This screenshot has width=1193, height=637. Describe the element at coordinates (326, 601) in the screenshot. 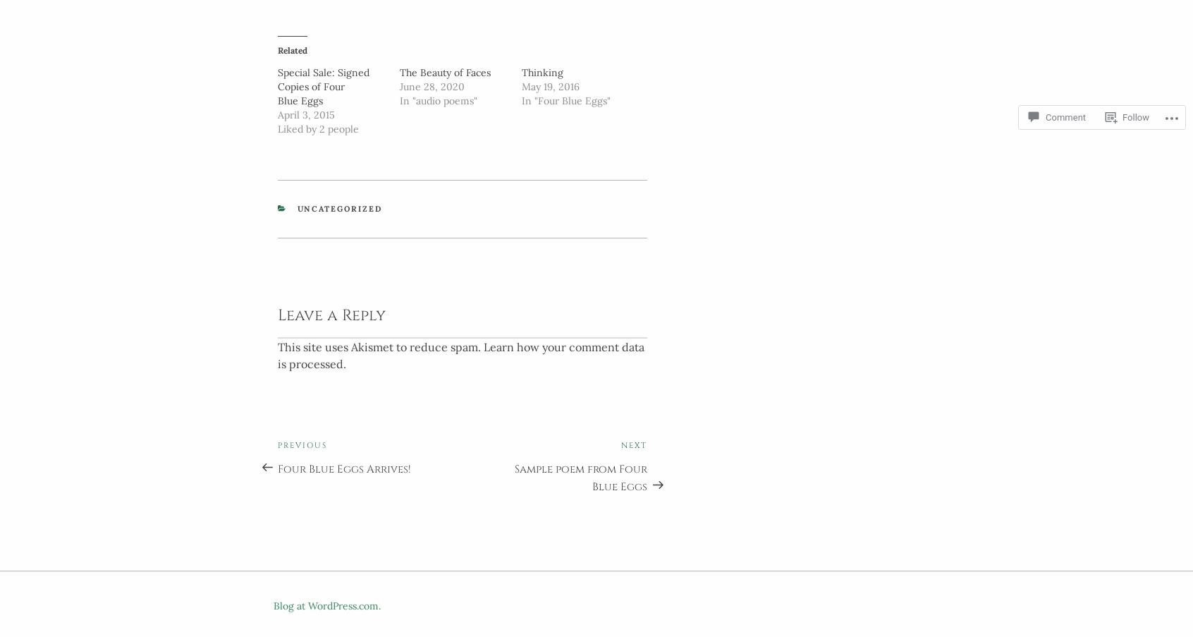

I see `'Blog at WordPress.com.'` at that location.